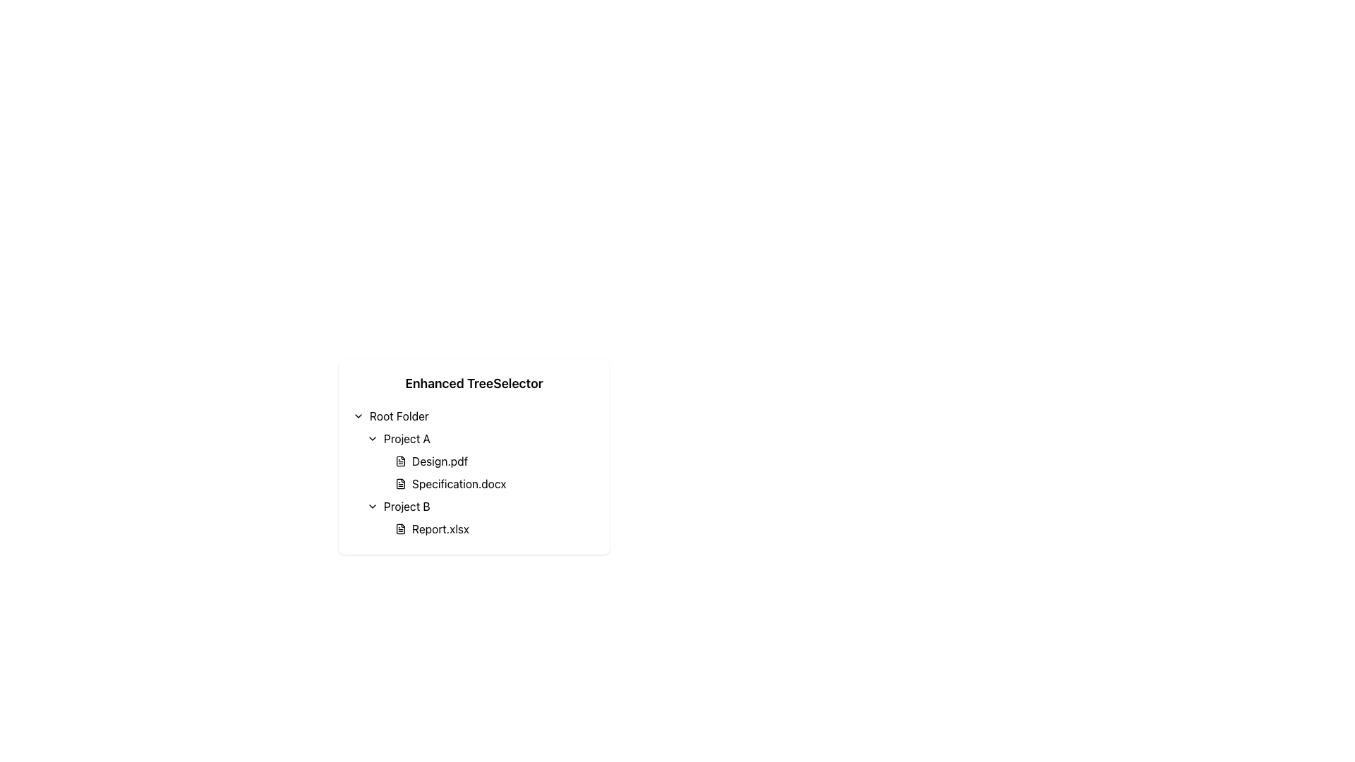 This screenshot has width=1355, height=762. Describe the element at coordinates (474, 416) in the screenshot. I see `the Treeview Node representing the root of the file tree system` at that location.